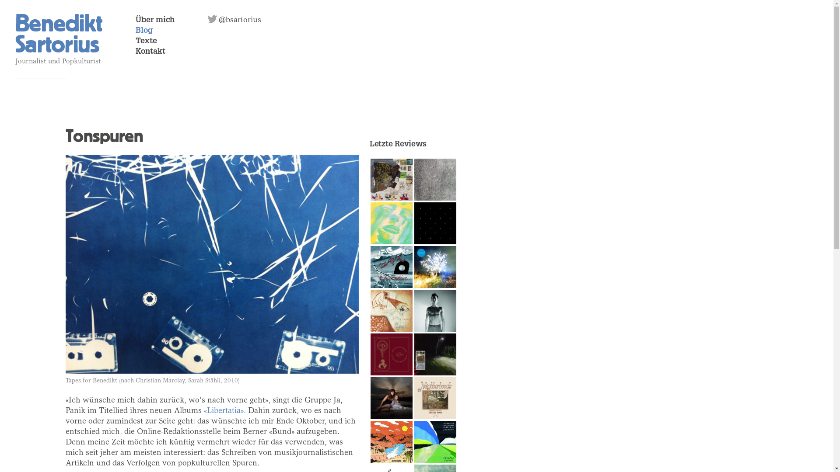  Describe the element at coordinates (65, 136) in the screenshot. I see `'Tonspuren'` at that location.